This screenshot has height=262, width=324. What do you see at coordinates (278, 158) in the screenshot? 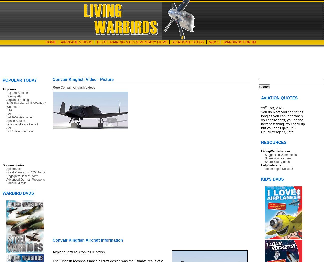
I see `'Share Your Pictures'` at bounding box center [278, 158].